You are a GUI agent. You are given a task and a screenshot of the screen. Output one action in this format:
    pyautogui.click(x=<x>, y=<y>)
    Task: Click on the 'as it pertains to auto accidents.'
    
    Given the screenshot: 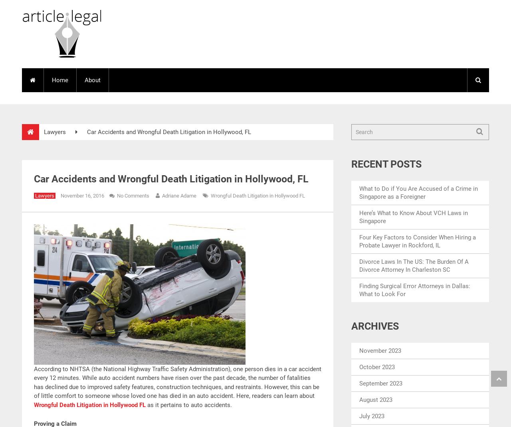 What is the action you would take?
    pyautogui.click(x=188, y=405)
    